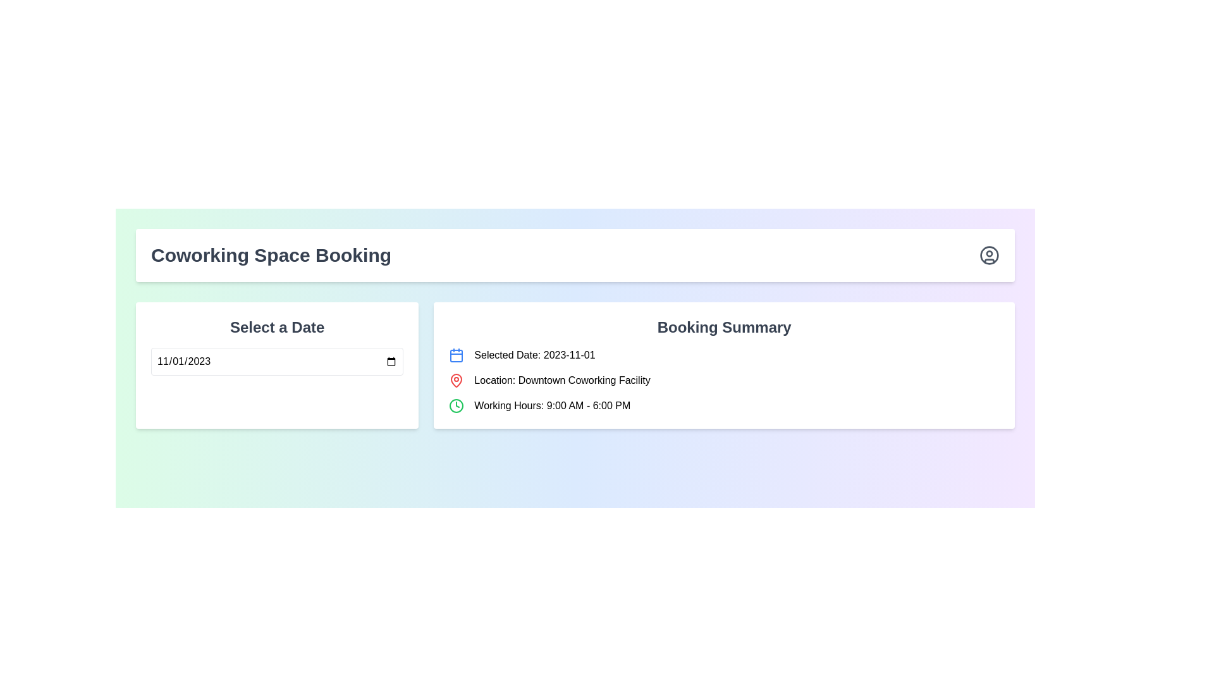 The height and width of the screenshot is (683, 1214). Describe the element at coordinates (534, 355) in the screenshot. I see `the text display element labeled 'Selected Date:' which shows the date value '2023-11-01' in the Booking Summary section` at that location.